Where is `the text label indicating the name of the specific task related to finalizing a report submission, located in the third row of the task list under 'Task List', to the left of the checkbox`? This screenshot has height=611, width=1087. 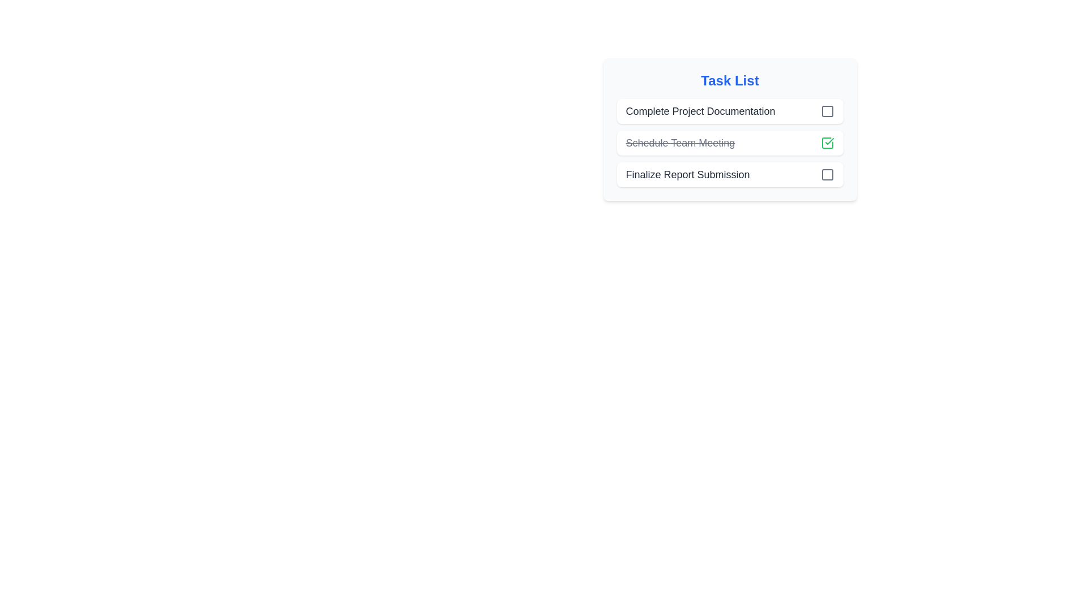
the text label indicating the name of the specific task related to finalizing a report submission, located in the third row of the task list under 'Task List', to the left of the checkbox is located at coordinates (687, 174).